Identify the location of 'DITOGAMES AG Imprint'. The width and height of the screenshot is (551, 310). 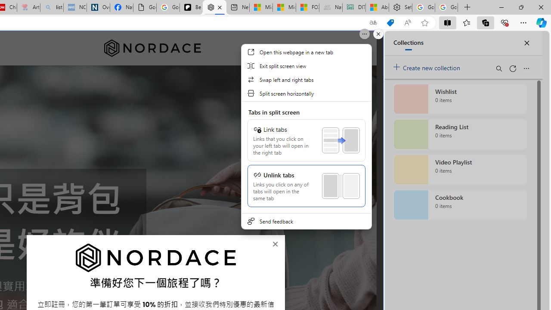
(354, 7).